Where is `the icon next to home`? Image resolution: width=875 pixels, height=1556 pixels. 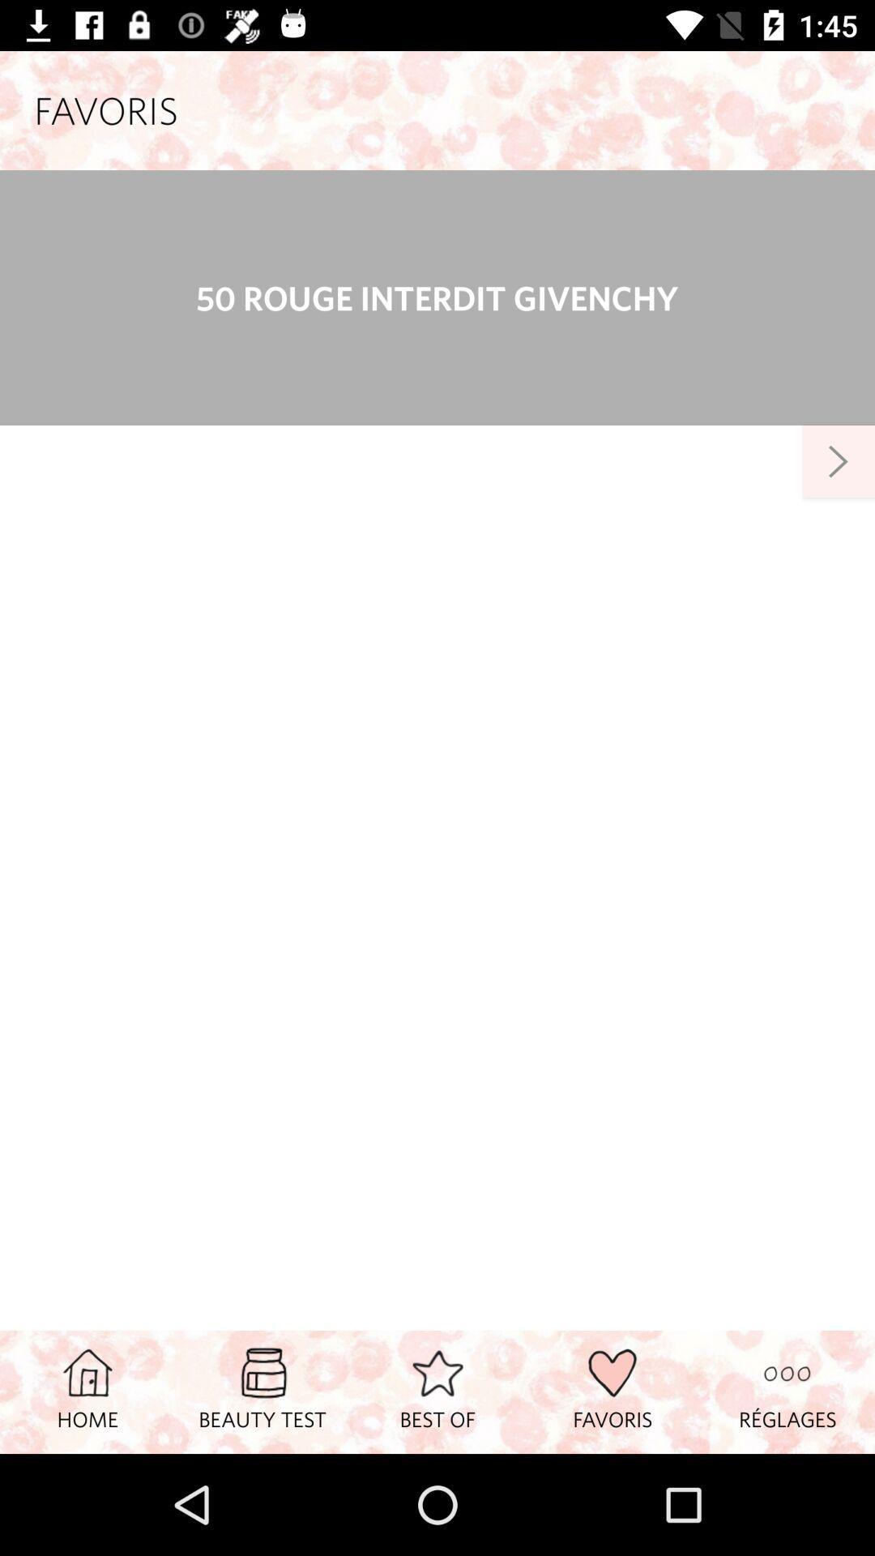 the icon next to home is located at coordinates (262, 1391).